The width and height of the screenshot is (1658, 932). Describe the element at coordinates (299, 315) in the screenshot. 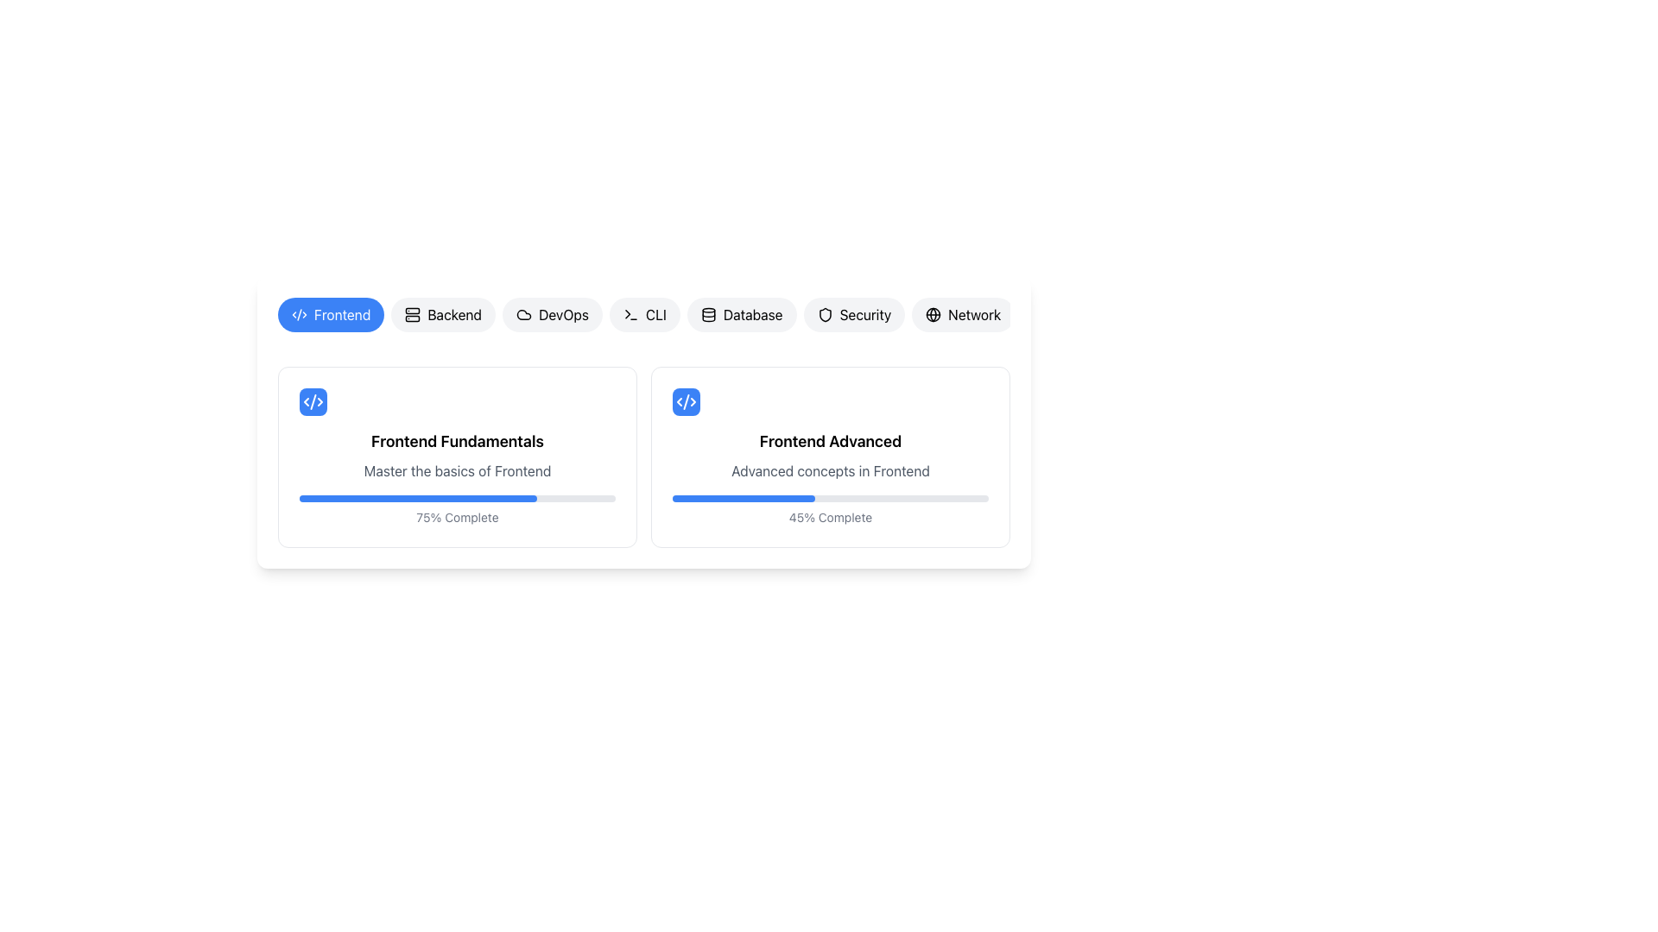

I see `the 'Frontend' category icon located inside a blue rounded rectangle on the left side of the navigational tabs` at that location.